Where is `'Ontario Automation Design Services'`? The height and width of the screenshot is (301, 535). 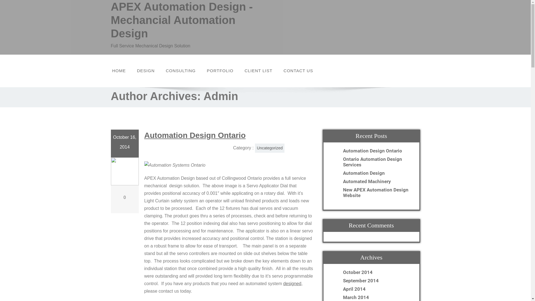
'Ontario Automation Design Services' is located at coordinates (339, 161).